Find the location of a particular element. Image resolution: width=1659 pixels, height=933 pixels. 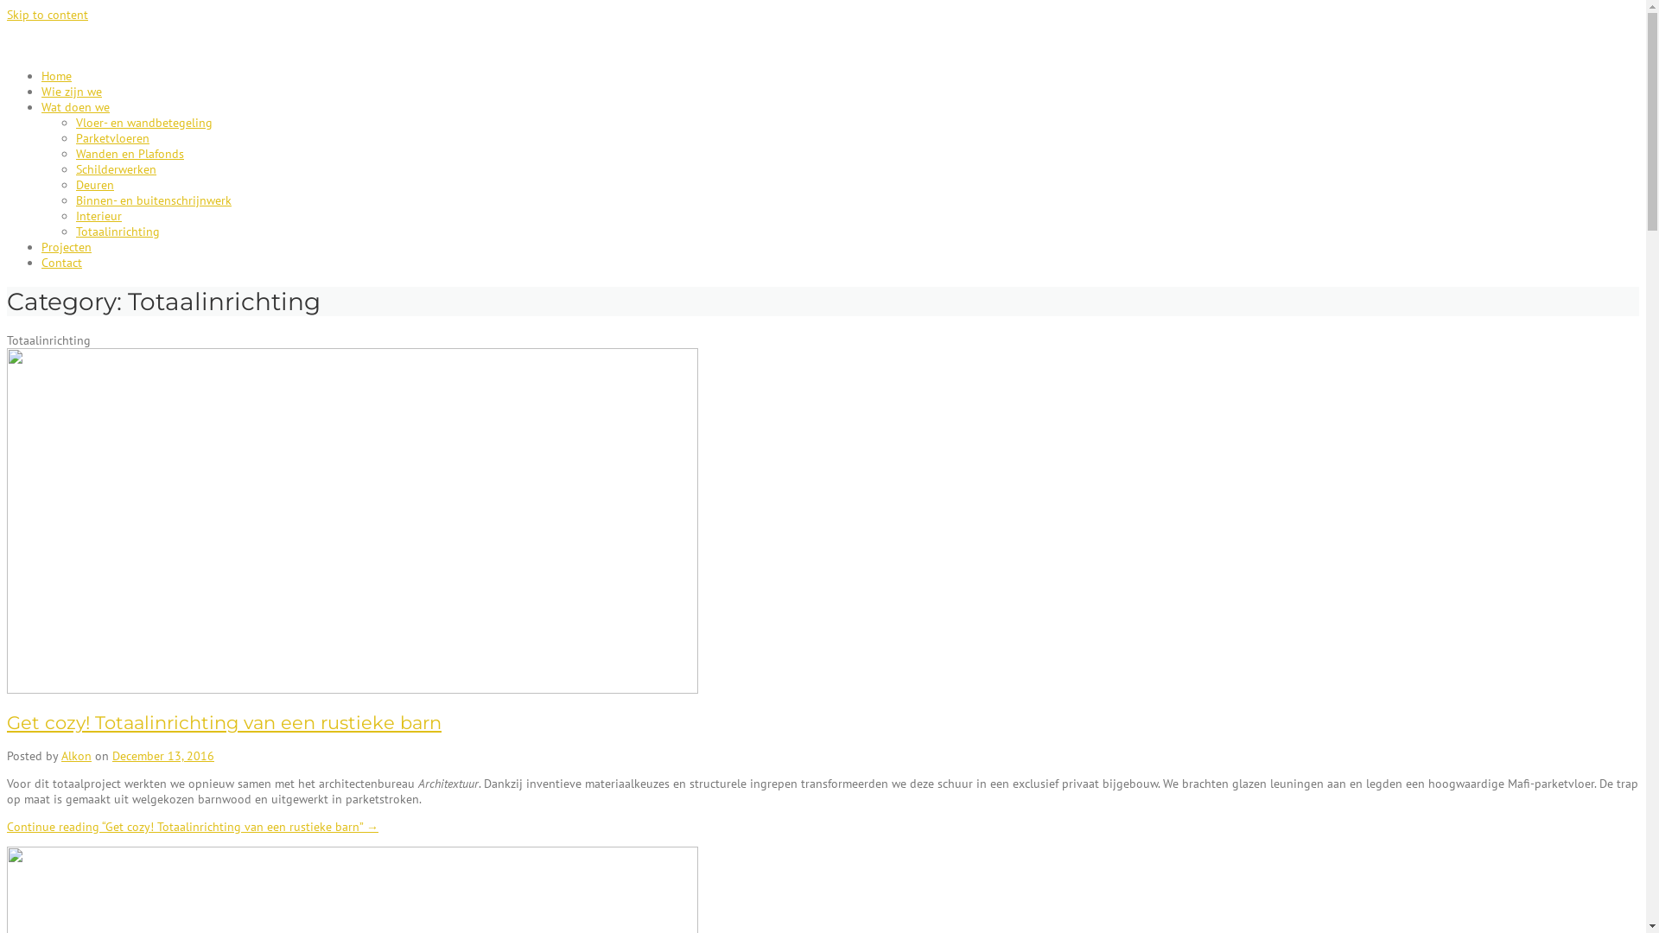

'Totaalinrichting' is located at coordinates (117, 230).